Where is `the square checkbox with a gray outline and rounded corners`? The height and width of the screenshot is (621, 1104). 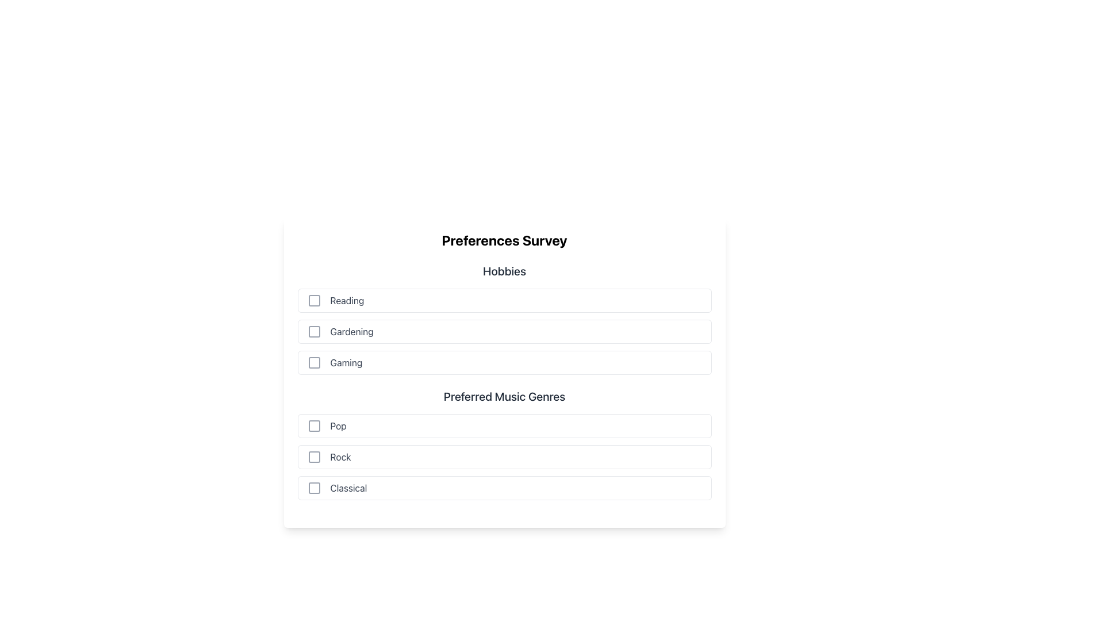 the square checkbox with a gray outline and rounded corners is located at coordinates (314, 332).